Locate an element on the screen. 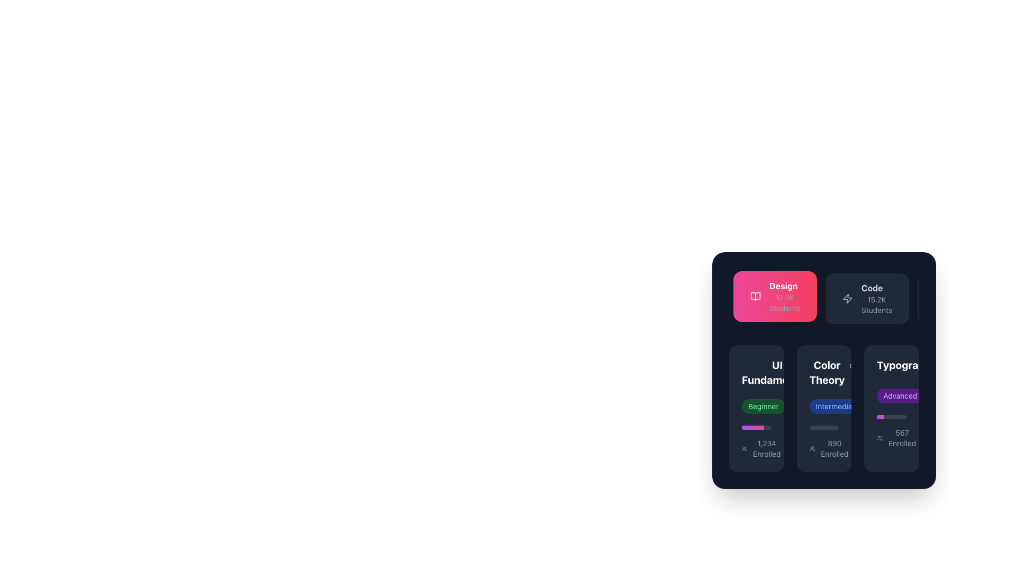 The image size is (1016, 571). text label that displays 'Typography' styled in bold white font on a dark background, located at the top of a vertically aligned card-like structure is located at coordinates (906, 364).